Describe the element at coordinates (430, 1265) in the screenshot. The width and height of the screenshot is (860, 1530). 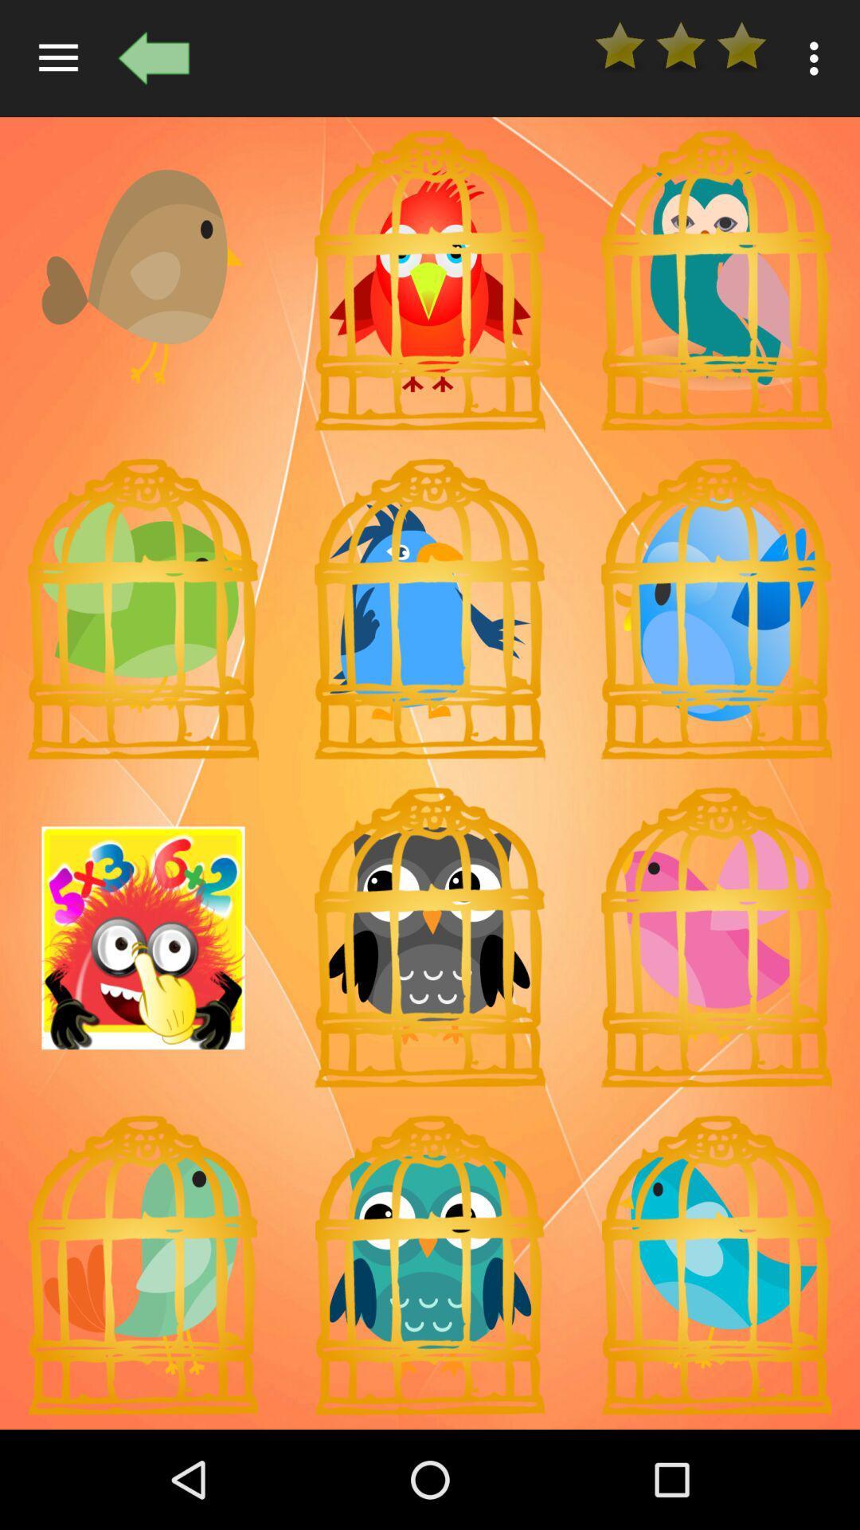
I see `parrot in cage` at that location.